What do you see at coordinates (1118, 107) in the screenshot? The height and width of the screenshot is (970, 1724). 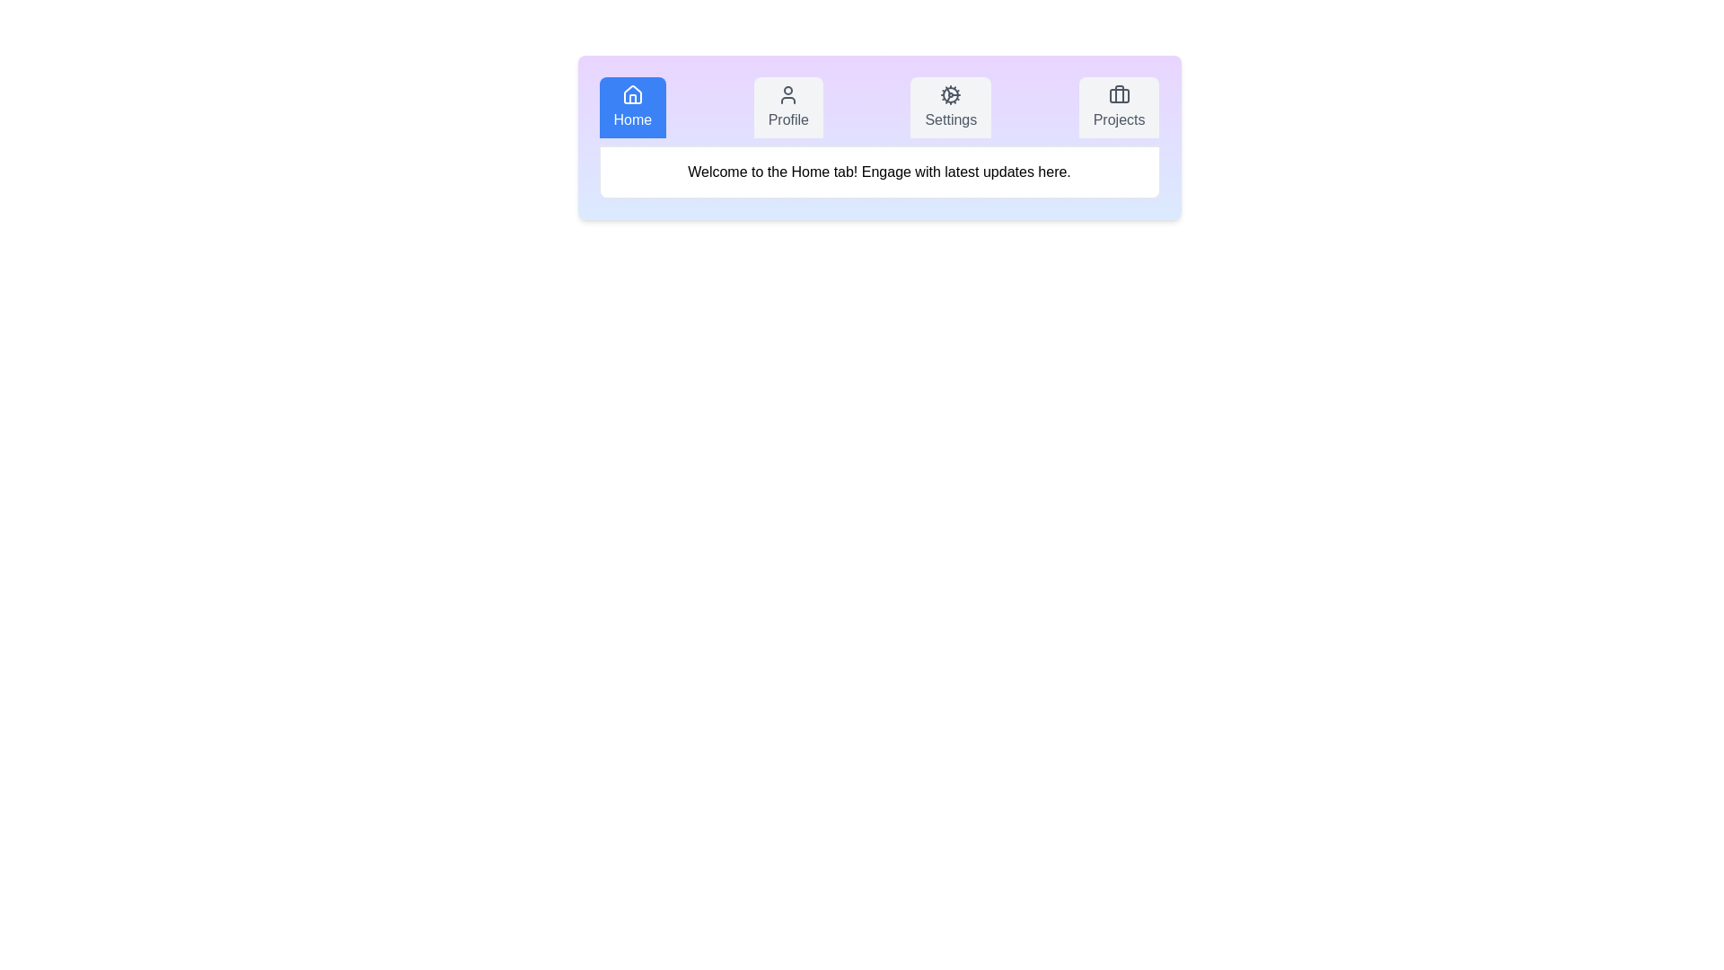 I see `the fourth tab in the horizontal navigation bar, which is a button with an icon and label for navigating to the 'Projects' section` at bounding box center [1118, 107].